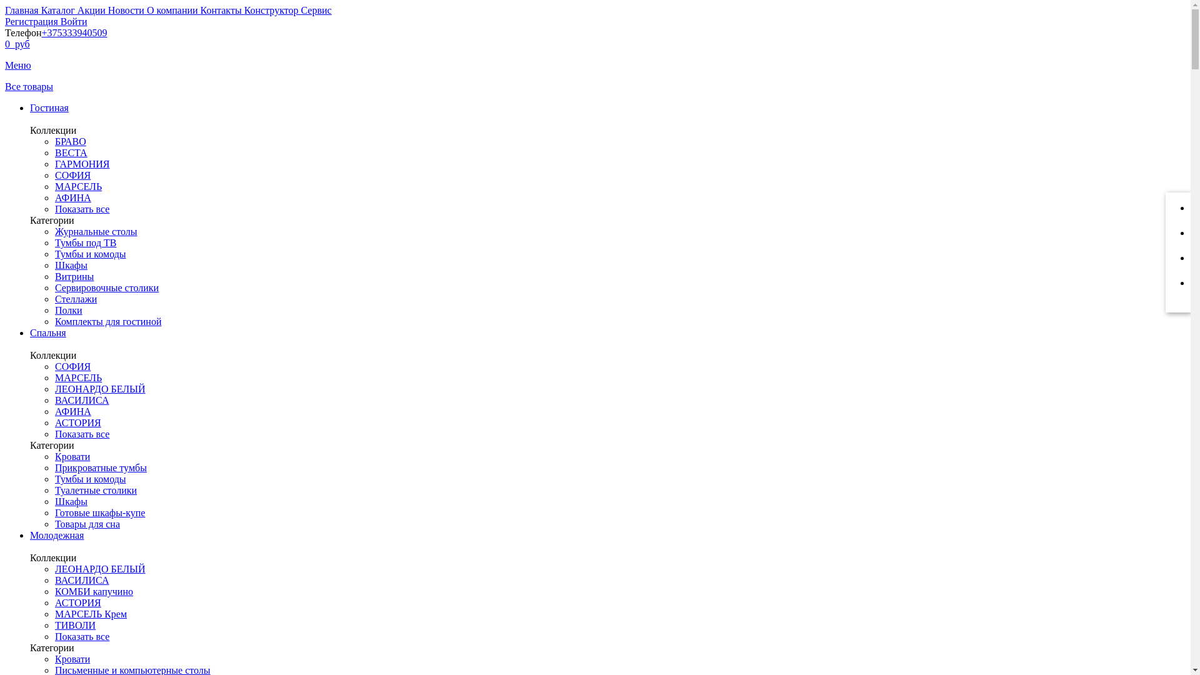  What do you see at coordinates (73, 32) in the screenshot?
I see `'+375333940509'` at bounding box center [73, 32].